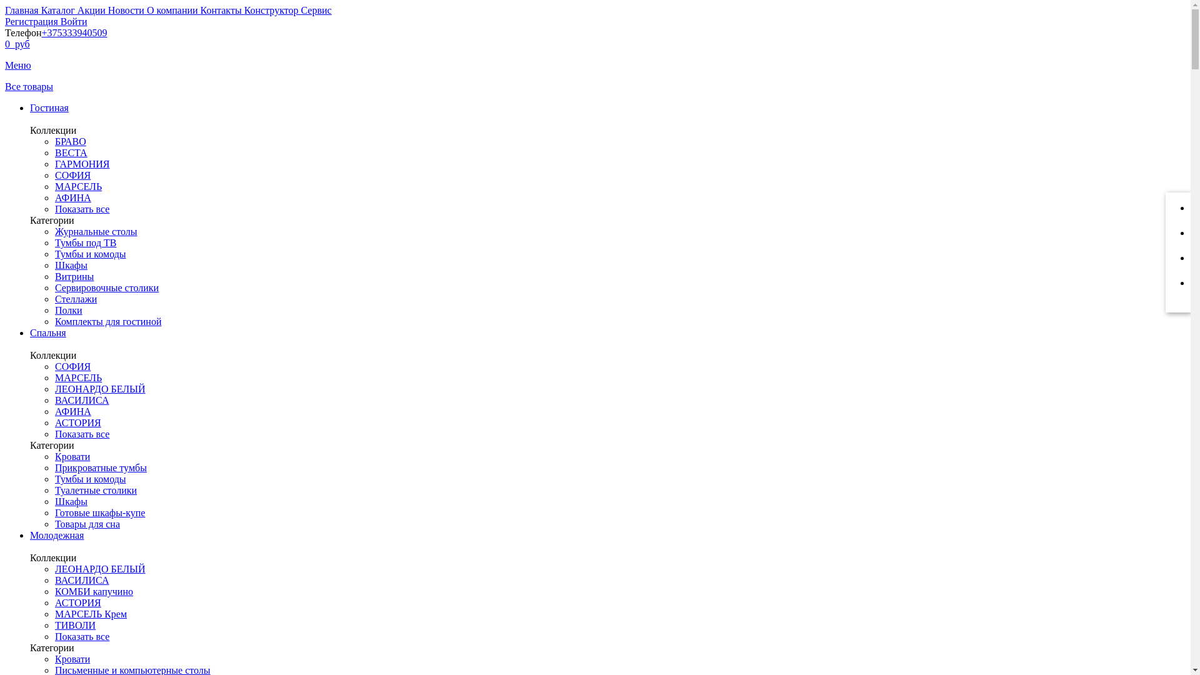  What do you see at coordinates (73, 32) in the screenshot?
I see `'+375333940509'` at bounding box center [73, 32].